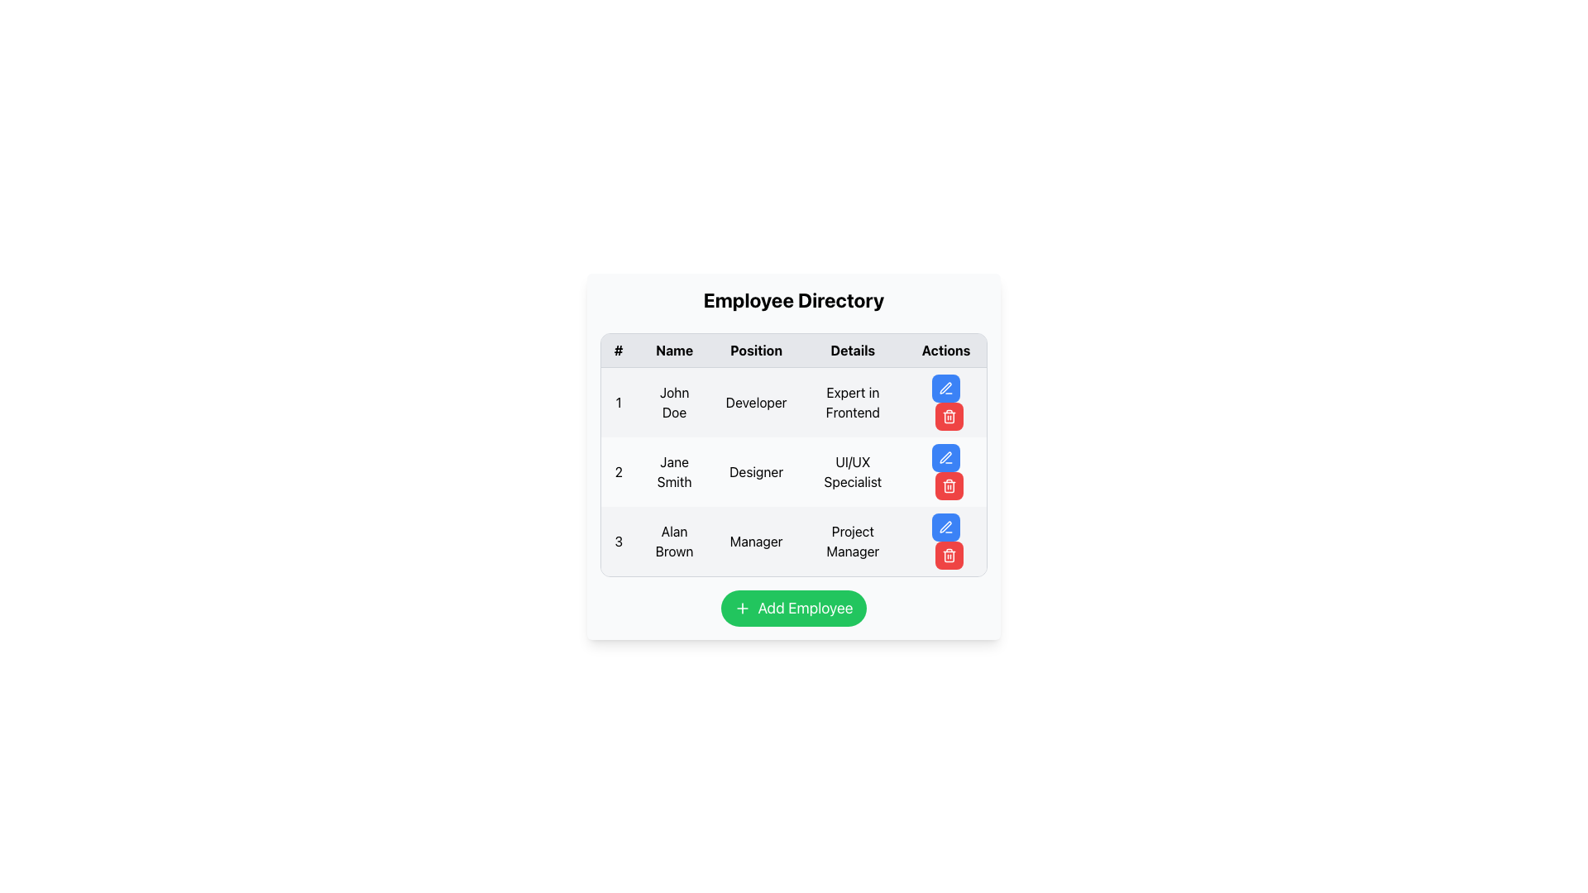  I want to click on the static text element that serves as a row identifier, positioned to the left of the 'John Doe' cell in the table, so click(618, 402).